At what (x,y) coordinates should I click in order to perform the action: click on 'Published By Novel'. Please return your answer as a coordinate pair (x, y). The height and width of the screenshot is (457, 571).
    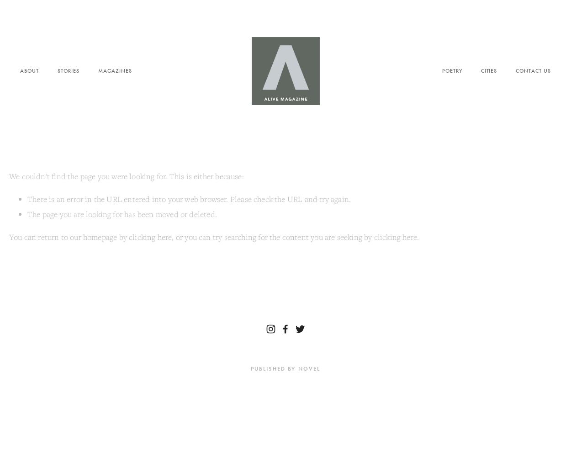
    Looking at the image, I should click on (285, 368).